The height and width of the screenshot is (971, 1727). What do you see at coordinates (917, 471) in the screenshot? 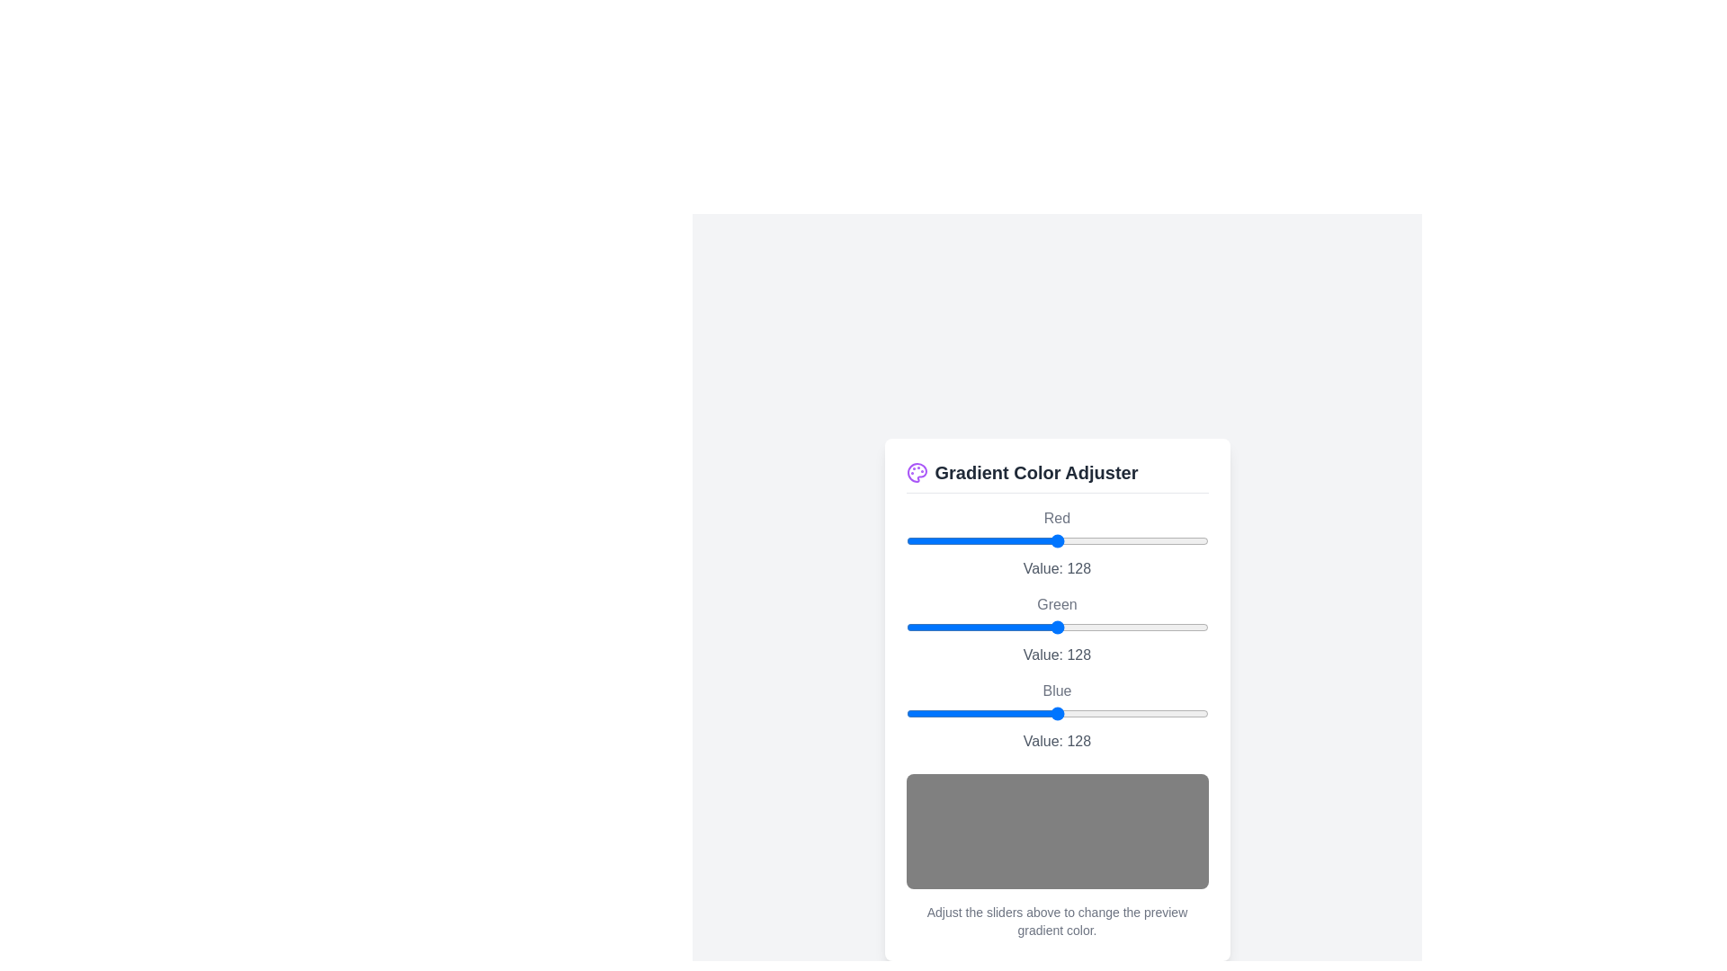
I see `the palette icon to open the color adjustment options` at bounding box center [917, 471].